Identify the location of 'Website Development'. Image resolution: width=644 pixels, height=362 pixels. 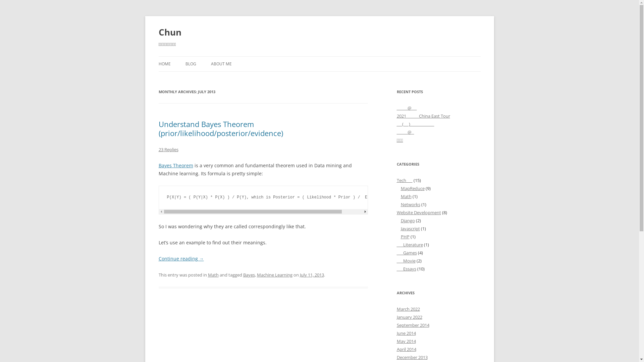
(418, 212).